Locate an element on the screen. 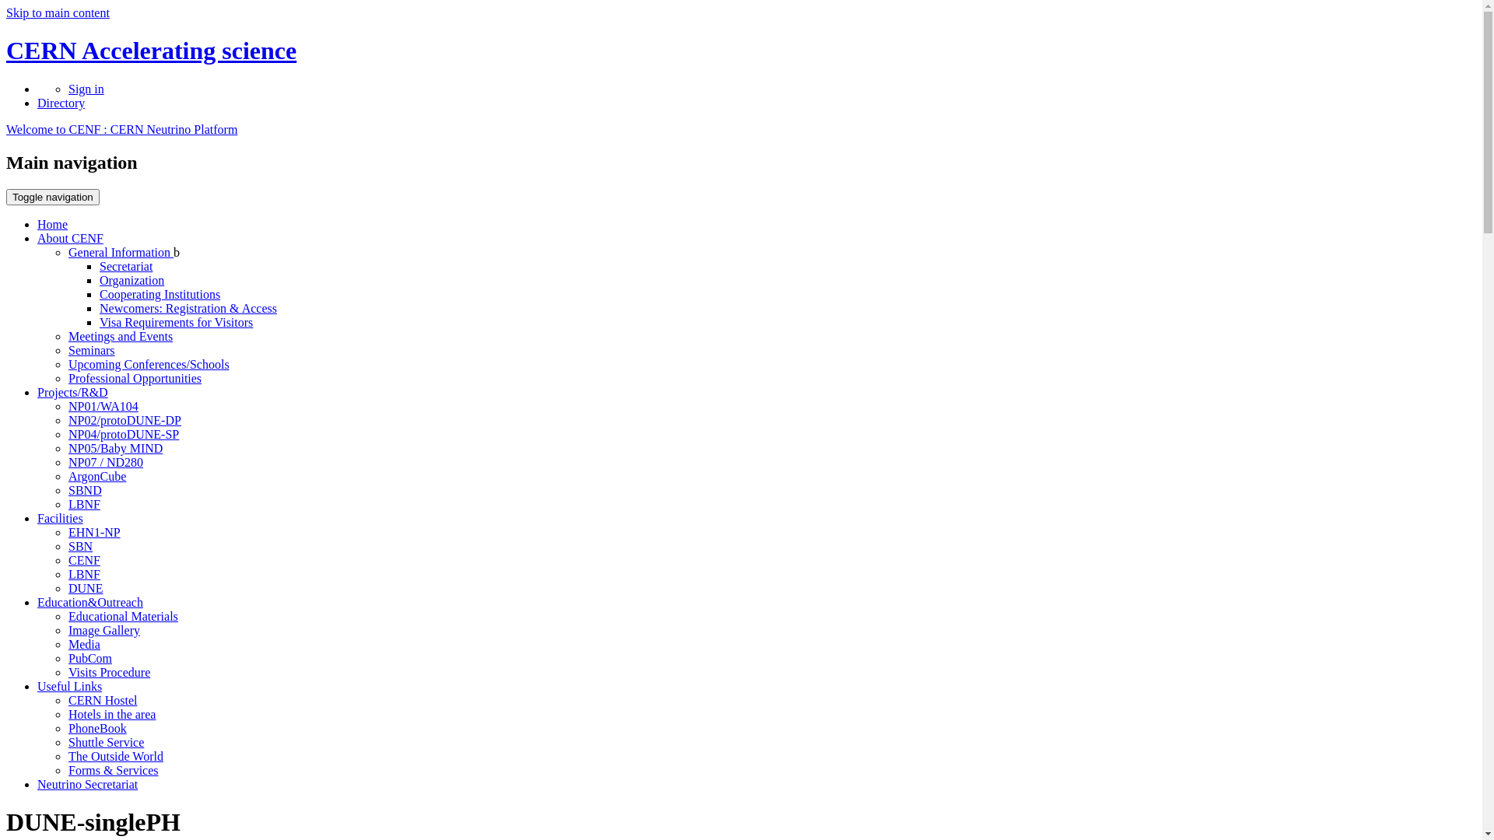  'Toggle navigation' is located at coordinates (52, 196).